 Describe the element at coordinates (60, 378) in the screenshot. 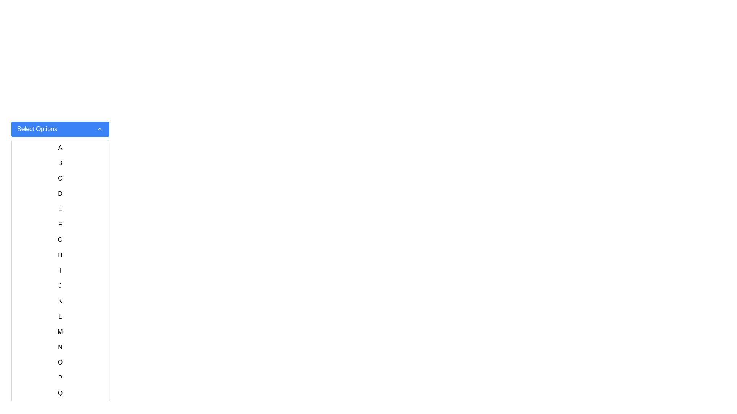

I see `to select the letter 'P' from the dropdown menu, which is the sixteenth item in a vertical list of single-letter elements` at that location.